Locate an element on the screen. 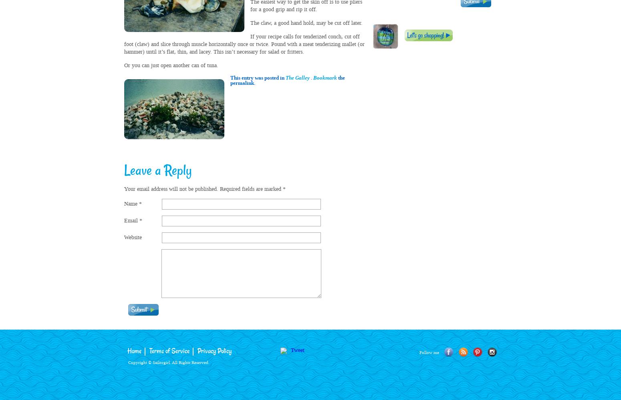  '.' is located at coordinates (311, 77).